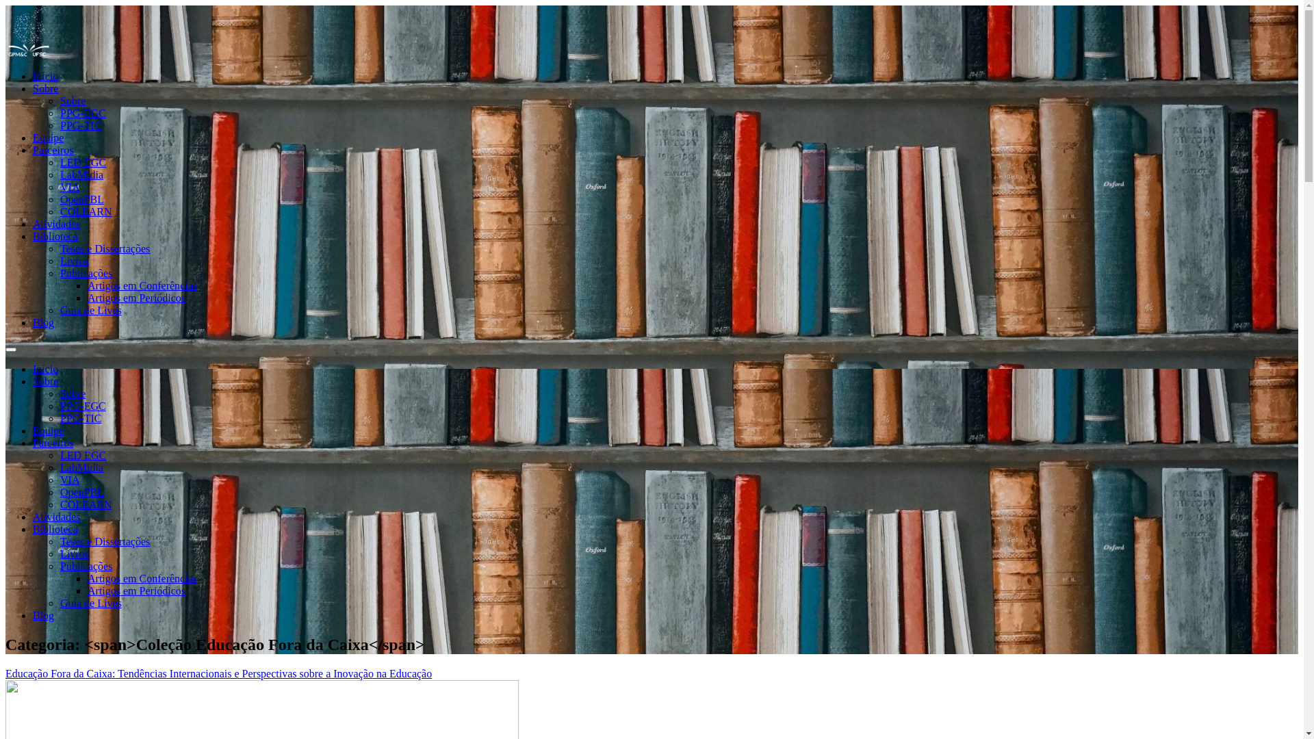 The height and width of the screenshot is (739, 1314). I want to click on 'Blog', so click(43, 322).